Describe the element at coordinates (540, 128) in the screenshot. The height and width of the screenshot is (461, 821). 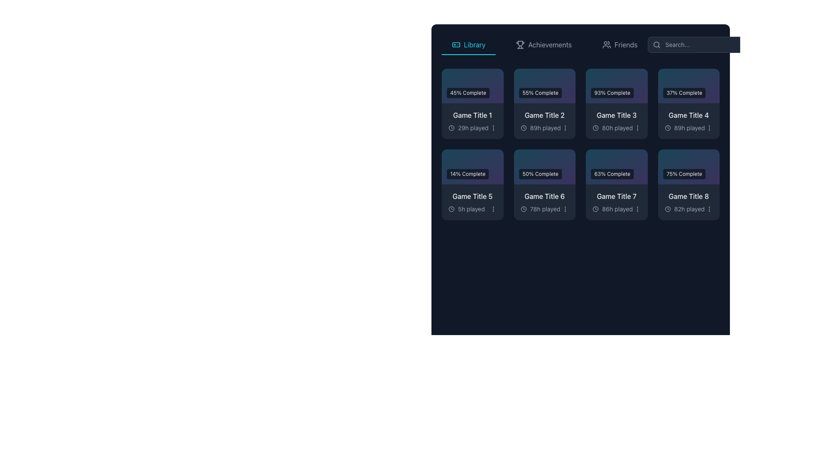
I see `the text displaying the total hours played for 'Game Title 2', located in the second card of the first row of the grid layout` at that location.